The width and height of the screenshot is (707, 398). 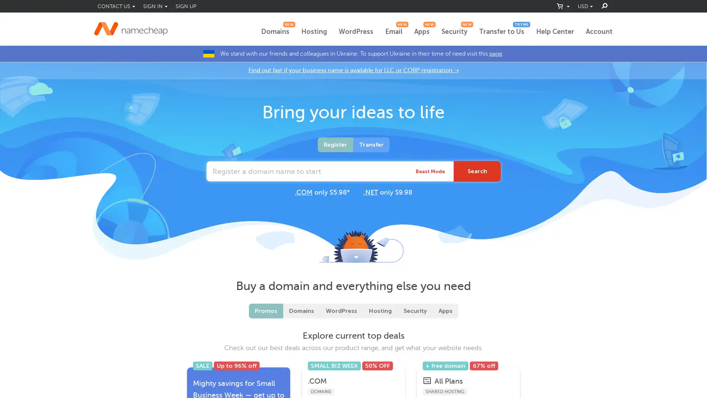 I want to click on Beast Mode, so click(x=430, y=171).